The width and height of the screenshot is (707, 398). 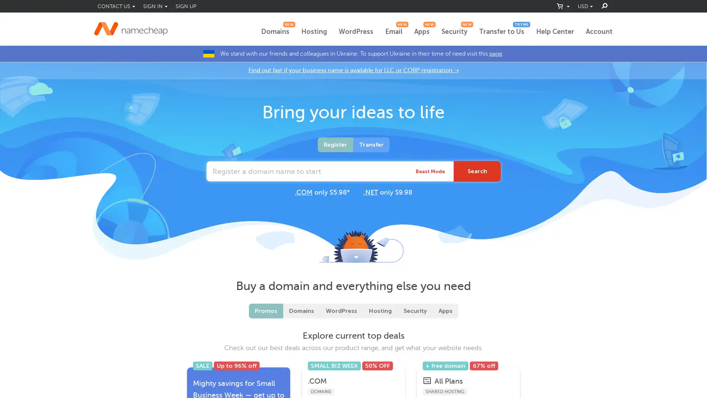 I want to click on Beast Mode, so click(x=430, y=171).